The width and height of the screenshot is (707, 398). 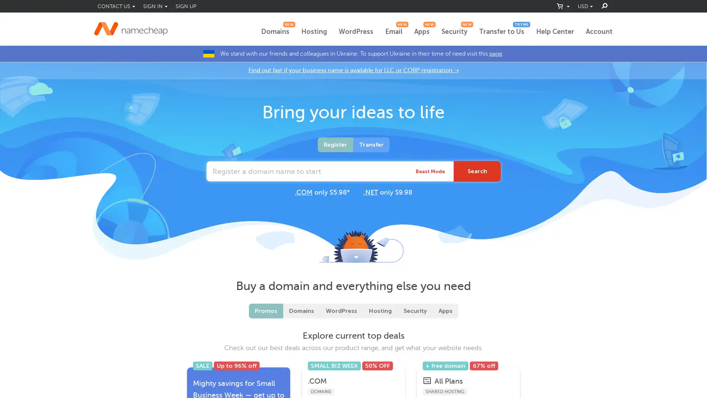 I want to click on Beast Mode, so click(x=430, y=171).